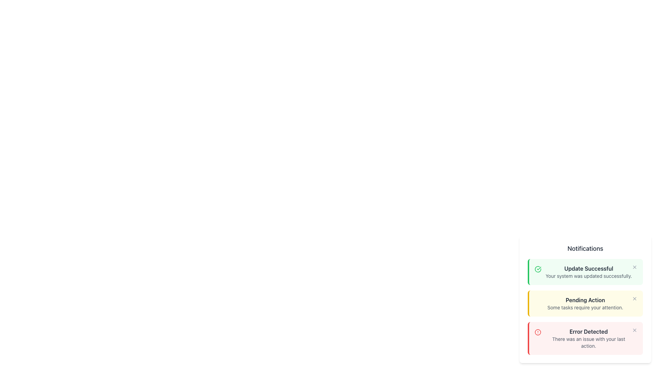 This screenshot has height=370, width=658. What do you see at coordinates (634, 298) in the screenshot?
I see `the small gray close button represented by an 'X' shape to observe its visual color change` at bounding box center [634, 298].